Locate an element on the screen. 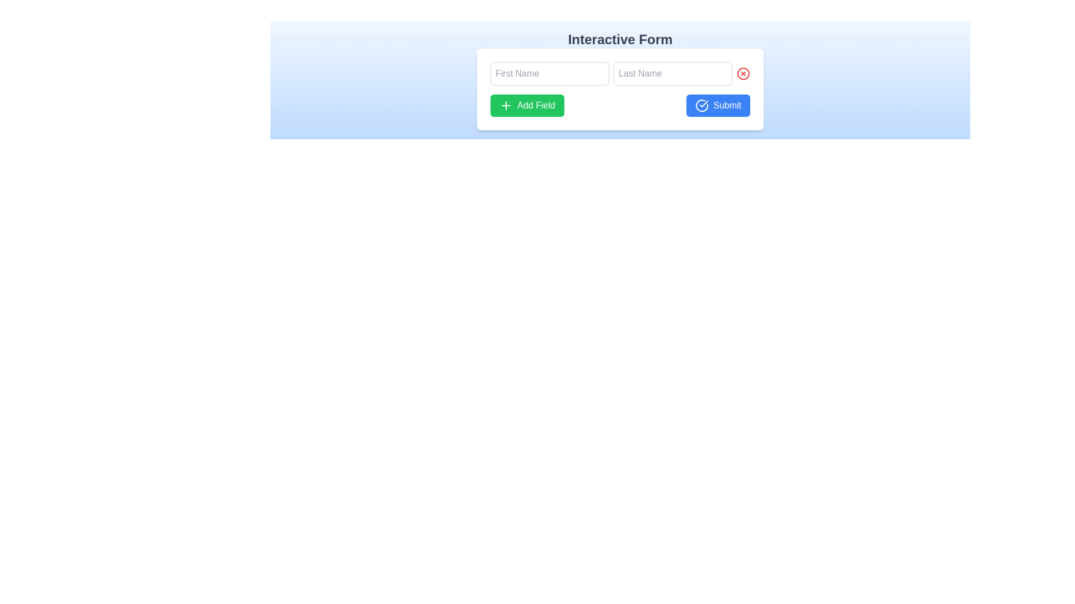 The height and width of the screenshot is (604, 1075). the text label inside the green button that indicates the functionality of adding a field, which is located to the left of the blue 'Submit' button is located at coordinates (535, 106).